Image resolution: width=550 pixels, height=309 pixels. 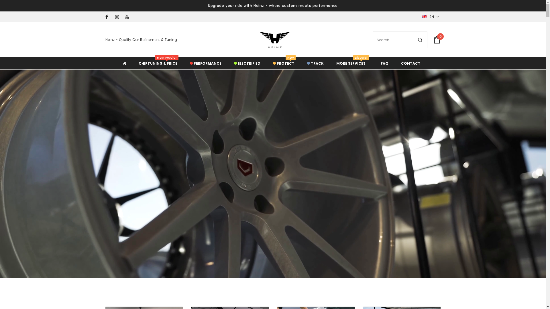 What do you see at coordinates (128, 17) in the screenshot?
I see `'YouTube'` at bounding box center [128, 17].